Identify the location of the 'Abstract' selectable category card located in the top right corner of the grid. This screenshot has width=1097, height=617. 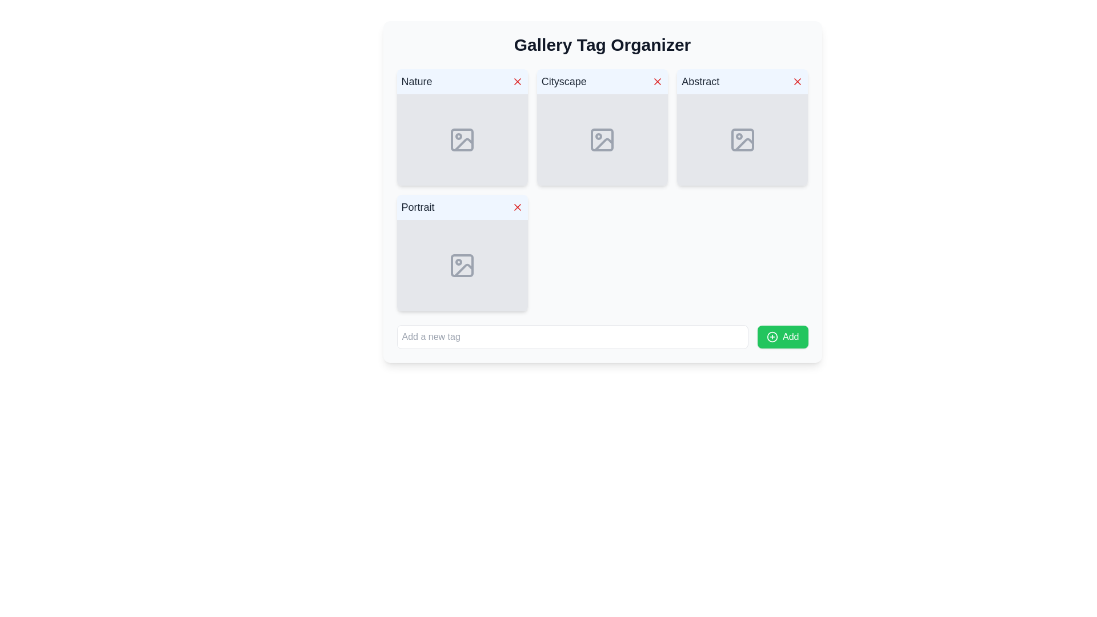
(742, 127).